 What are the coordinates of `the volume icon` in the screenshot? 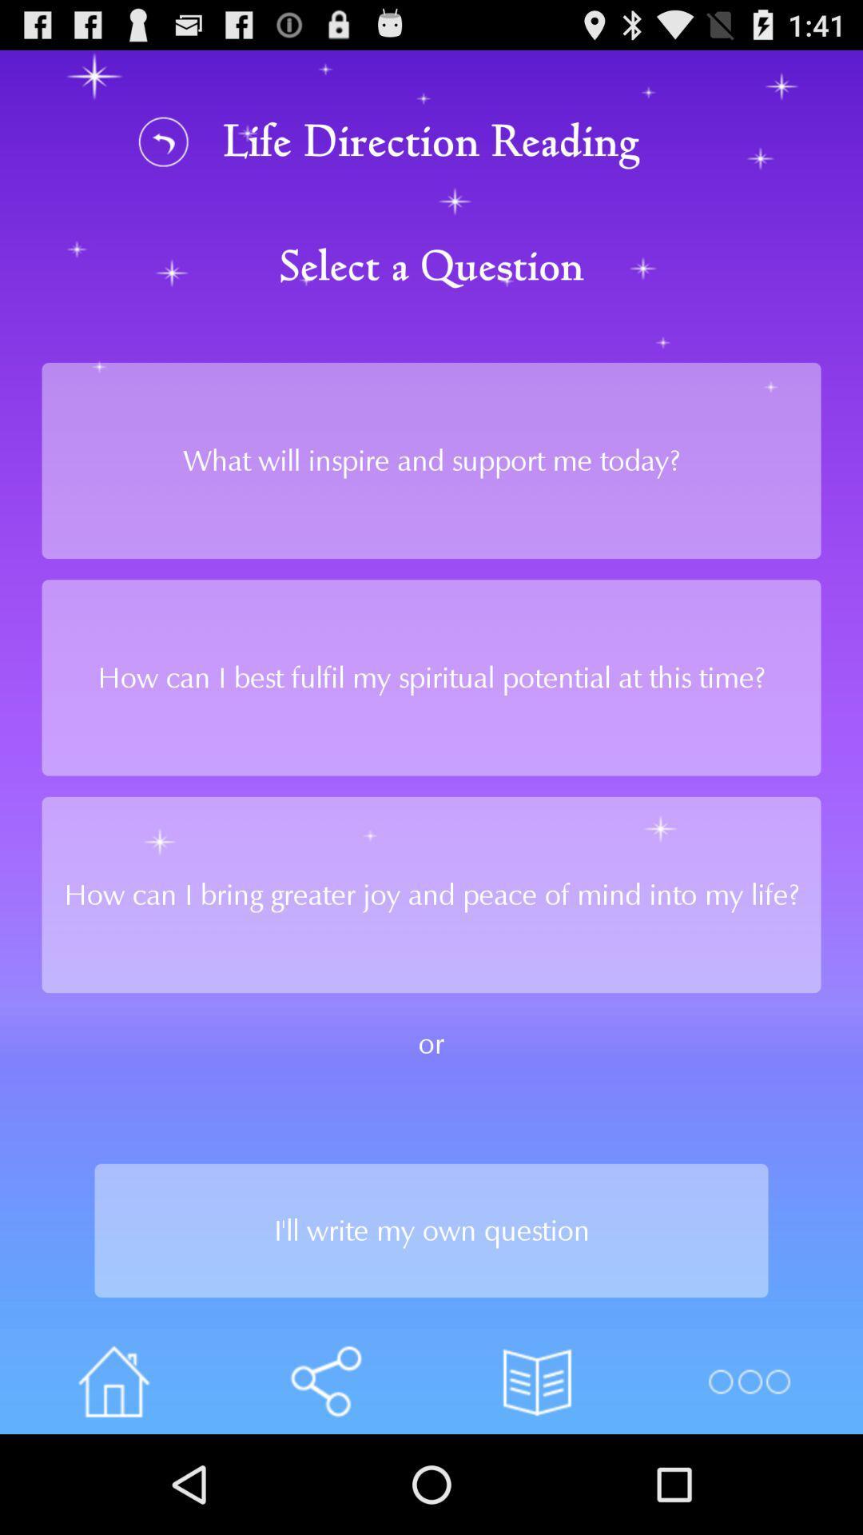 It's located at (324, 1477).